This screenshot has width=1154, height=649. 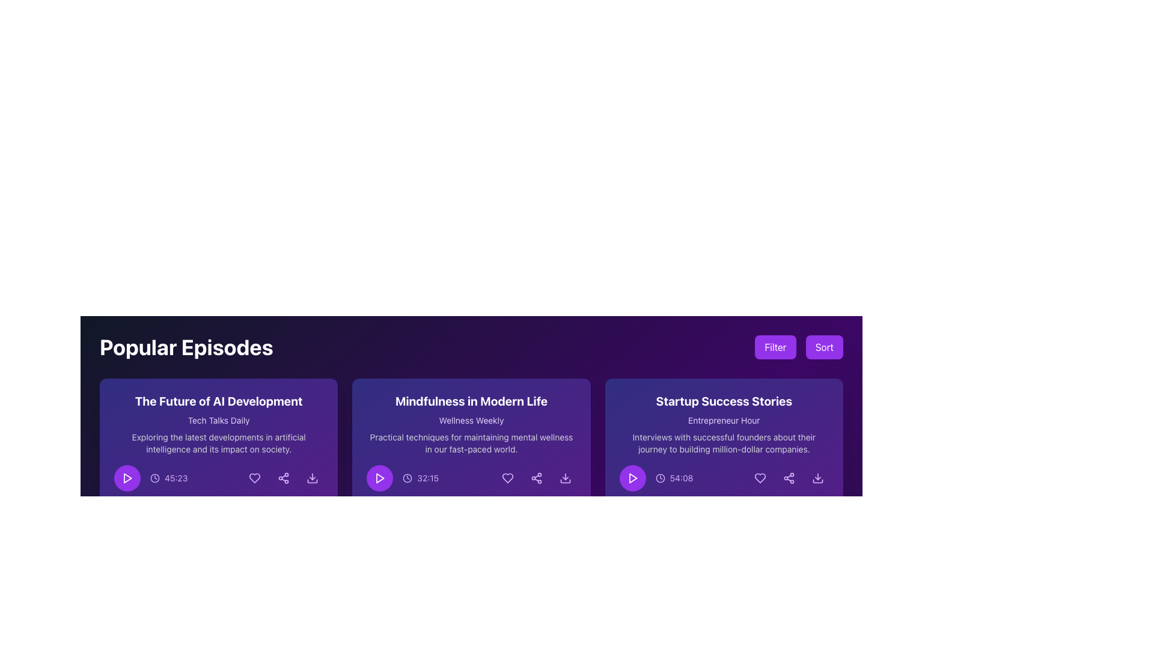 What do you see at coordinates (471, 503) in the screenshot?
I see `the Progress Bar located at the bottom of the 'Mindfulness in Modern Life' card, positioned under the time duration '32:15' and above the listener count` at bounding box center [471, 503].